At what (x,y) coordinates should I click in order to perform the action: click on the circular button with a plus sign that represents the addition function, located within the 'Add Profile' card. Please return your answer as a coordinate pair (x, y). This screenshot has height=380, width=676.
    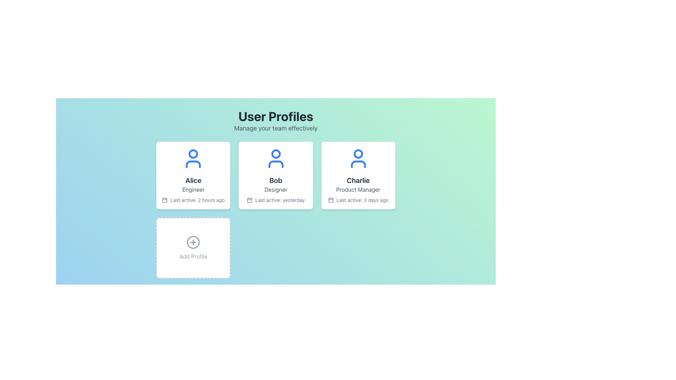
    Looking at the image, I should click on (193, 242).